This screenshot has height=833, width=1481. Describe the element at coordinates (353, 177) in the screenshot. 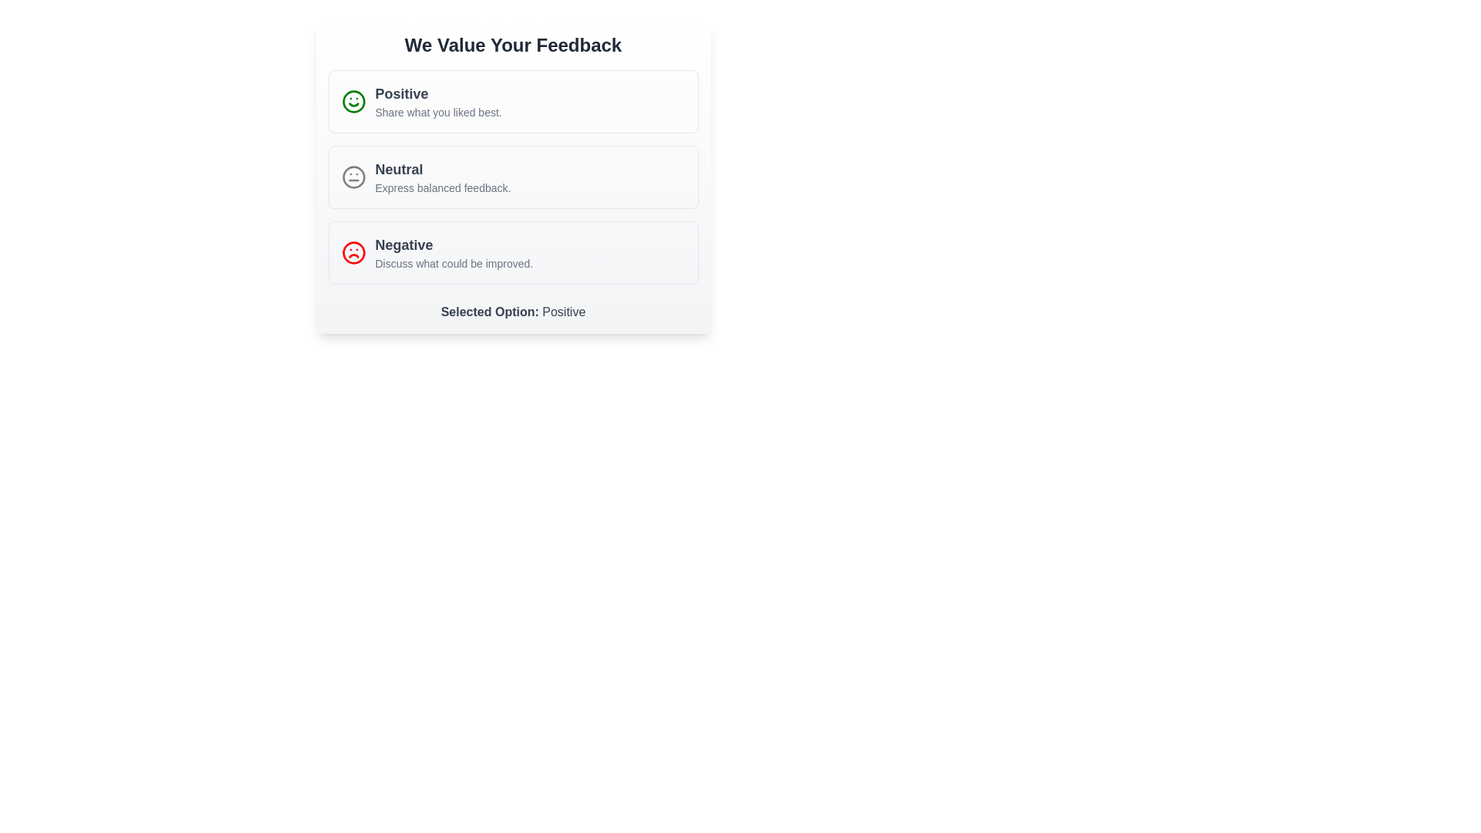

I see `the Neutral feedback icon, which is visually represented as the middle option among three feedback choices, positioned to the left of the text 'Neutral: Express balanced feedback.'` at that location.